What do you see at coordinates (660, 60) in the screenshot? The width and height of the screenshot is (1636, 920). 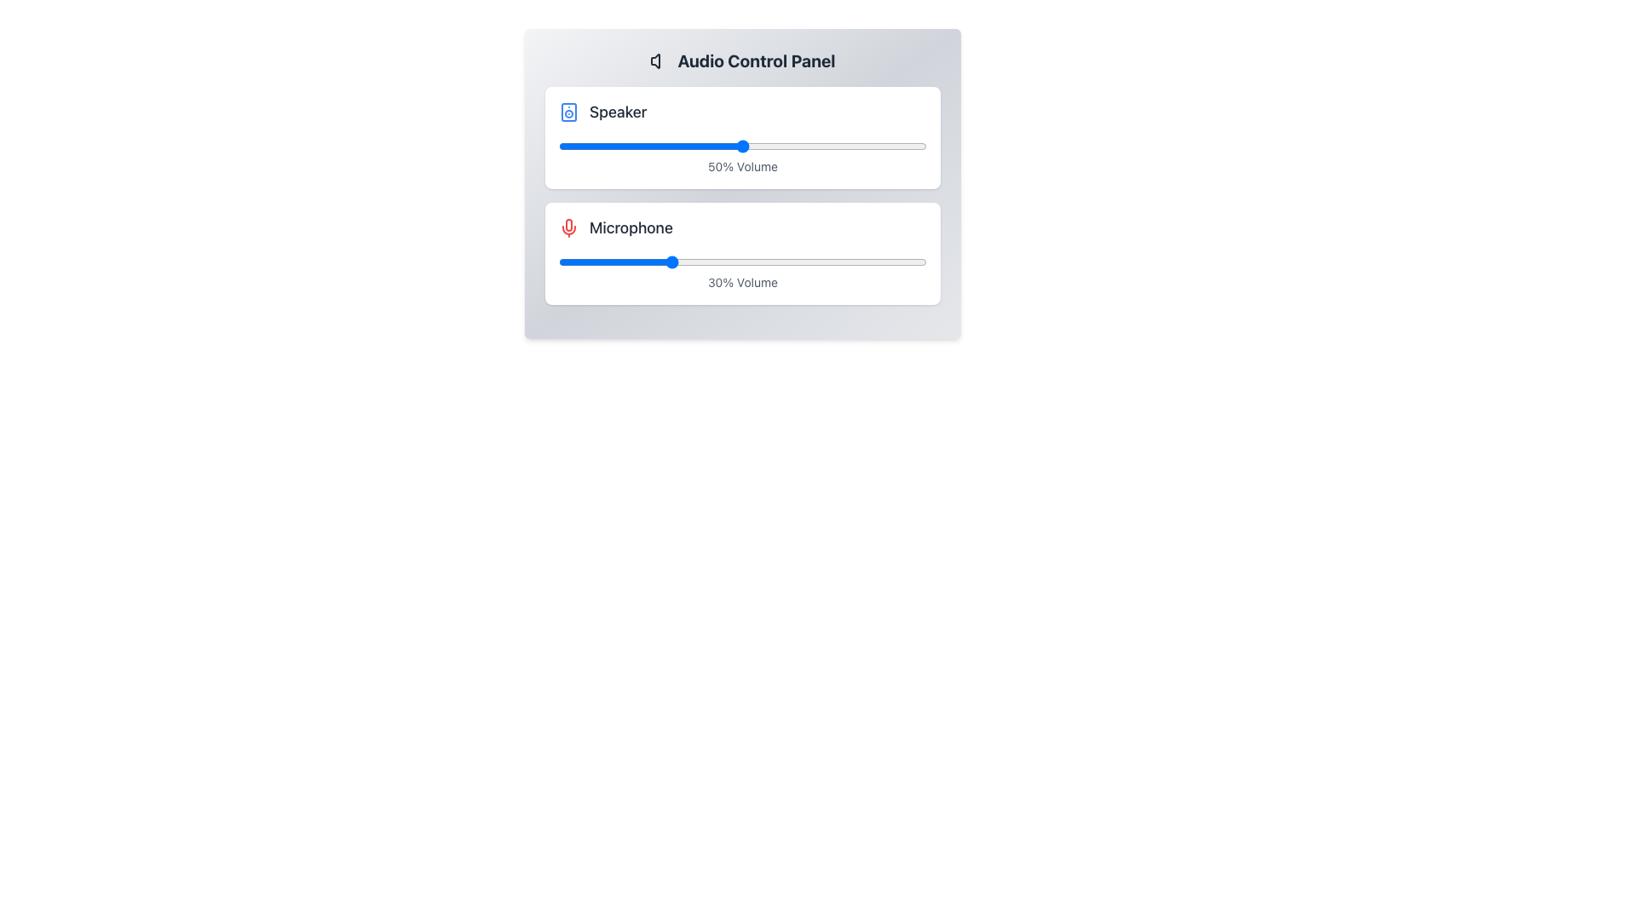 I see `the speaker icon located in the 'Audio Control Panel' section, which is styled with a hollow outline and positioned to the left of the text 'Audio Control Panel'` at bounding box center [660, 60].